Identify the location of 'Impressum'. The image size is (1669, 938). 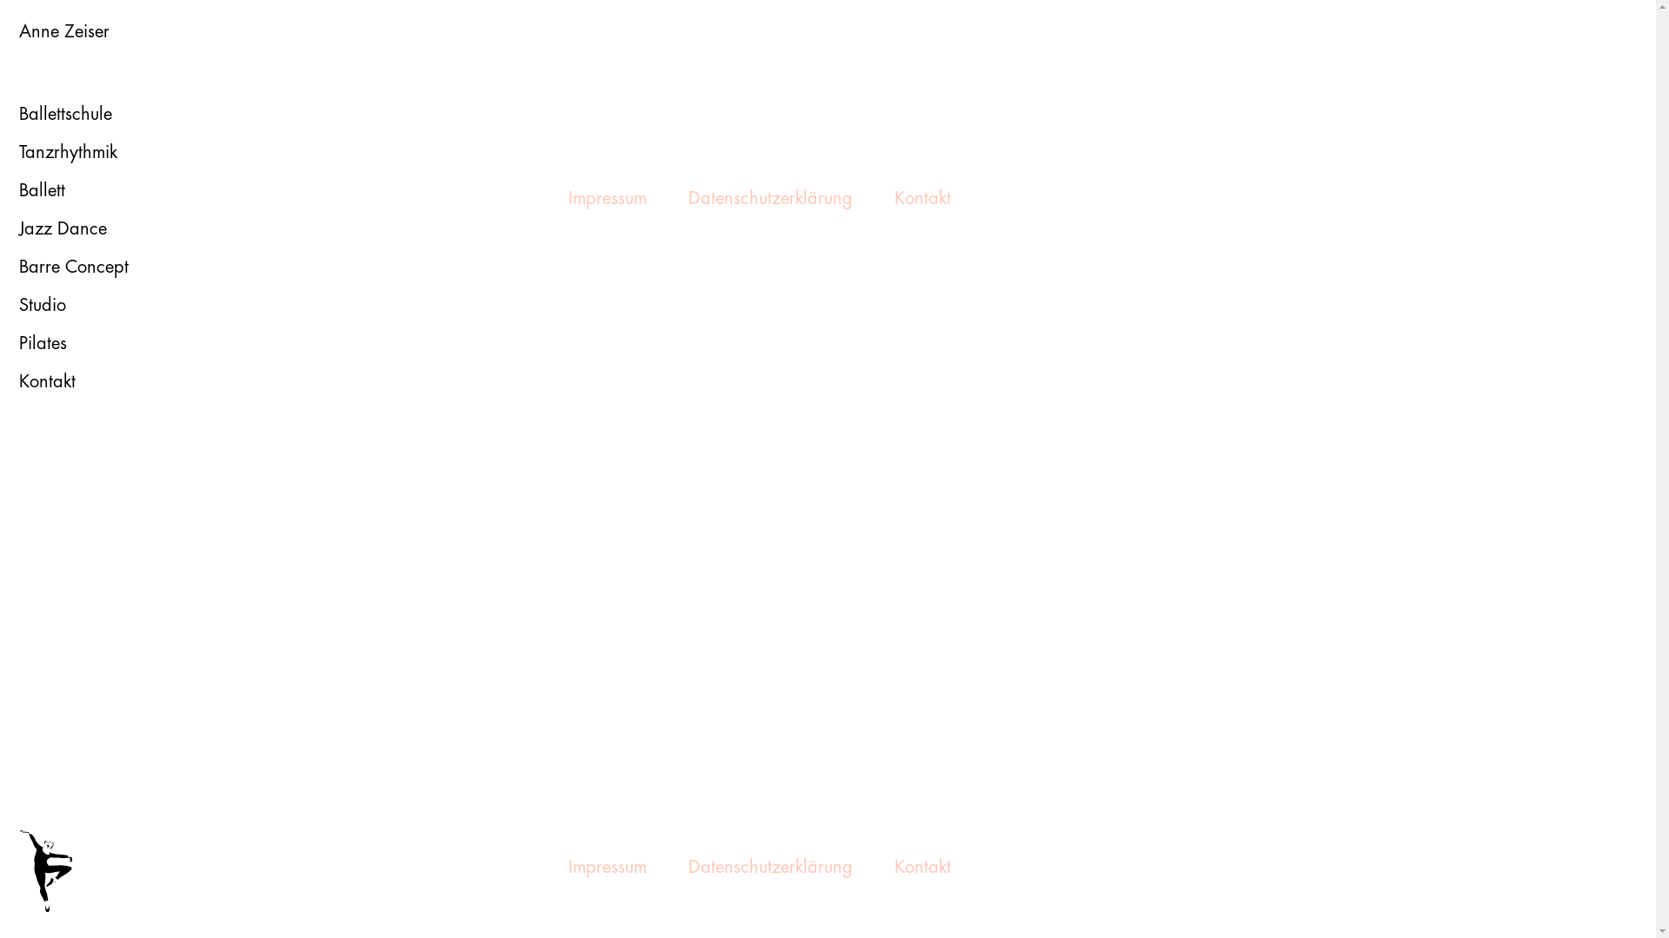
(608, 197).